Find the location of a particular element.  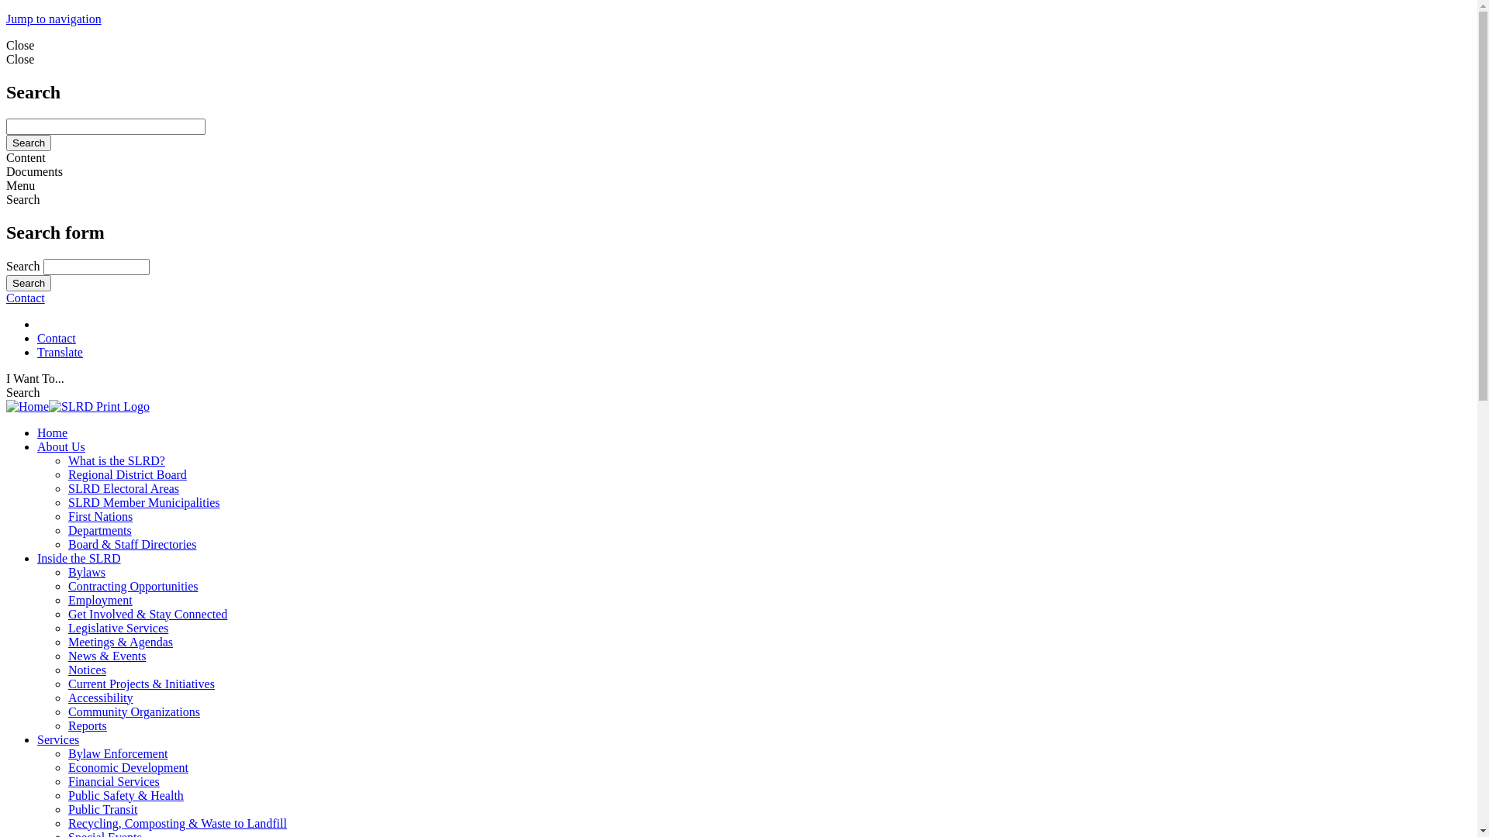

'Accessibility' is located at coordinates (99, 697).